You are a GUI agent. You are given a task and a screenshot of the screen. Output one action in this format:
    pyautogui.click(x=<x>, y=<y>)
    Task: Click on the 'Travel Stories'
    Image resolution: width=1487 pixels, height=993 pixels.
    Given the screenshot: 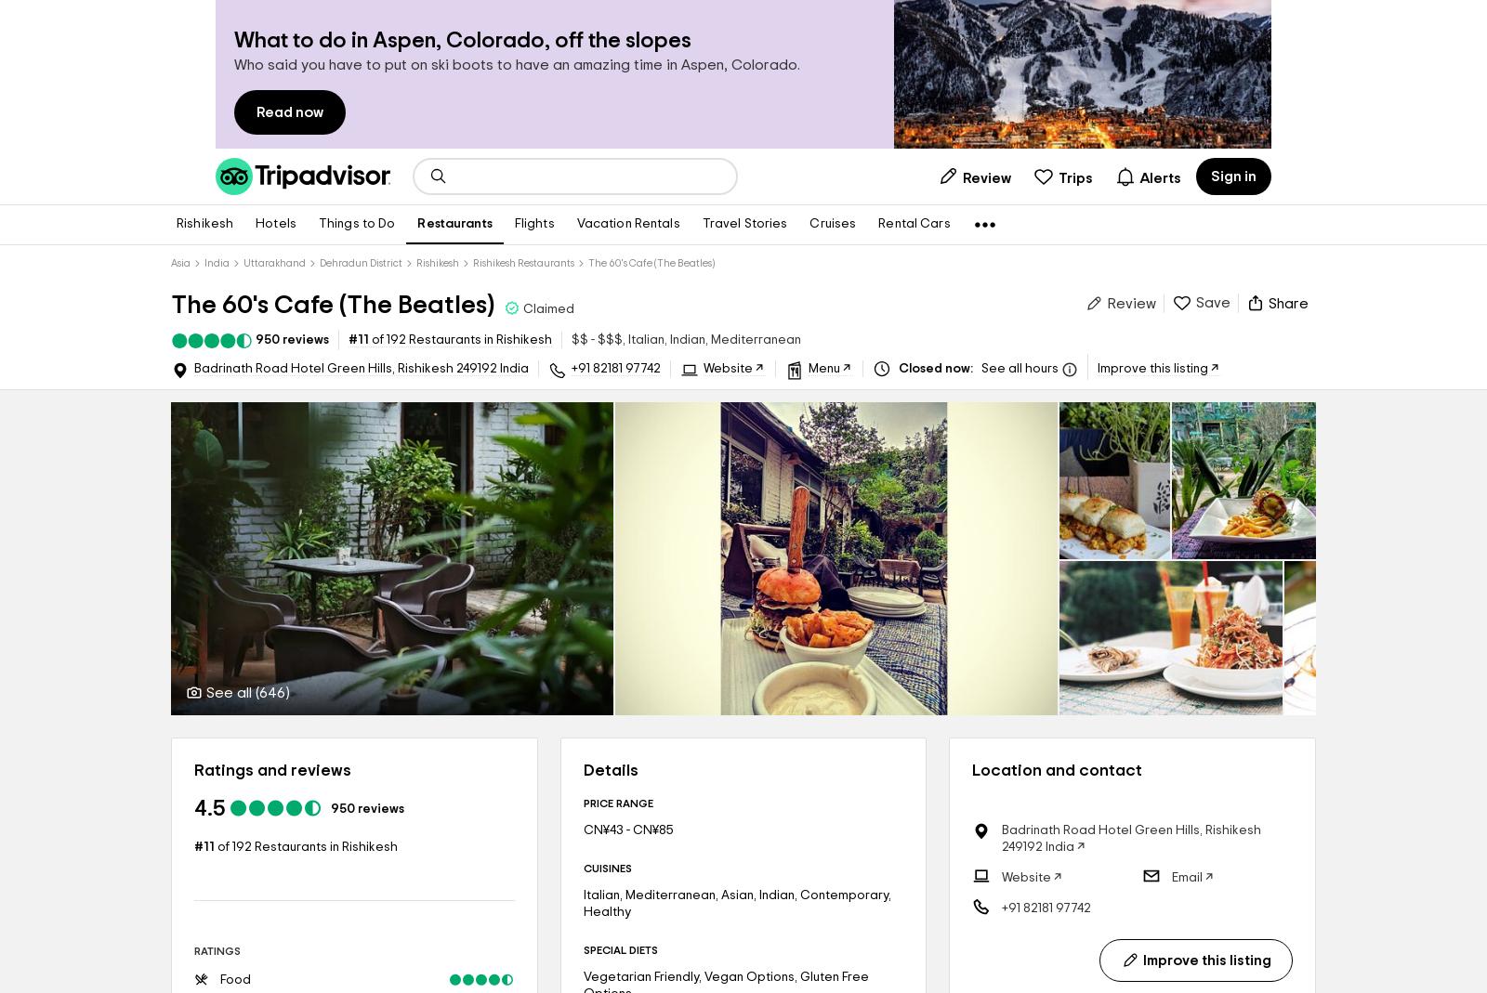 What is the action you would take?
    pyautogui.click(x=743, y=222)
    